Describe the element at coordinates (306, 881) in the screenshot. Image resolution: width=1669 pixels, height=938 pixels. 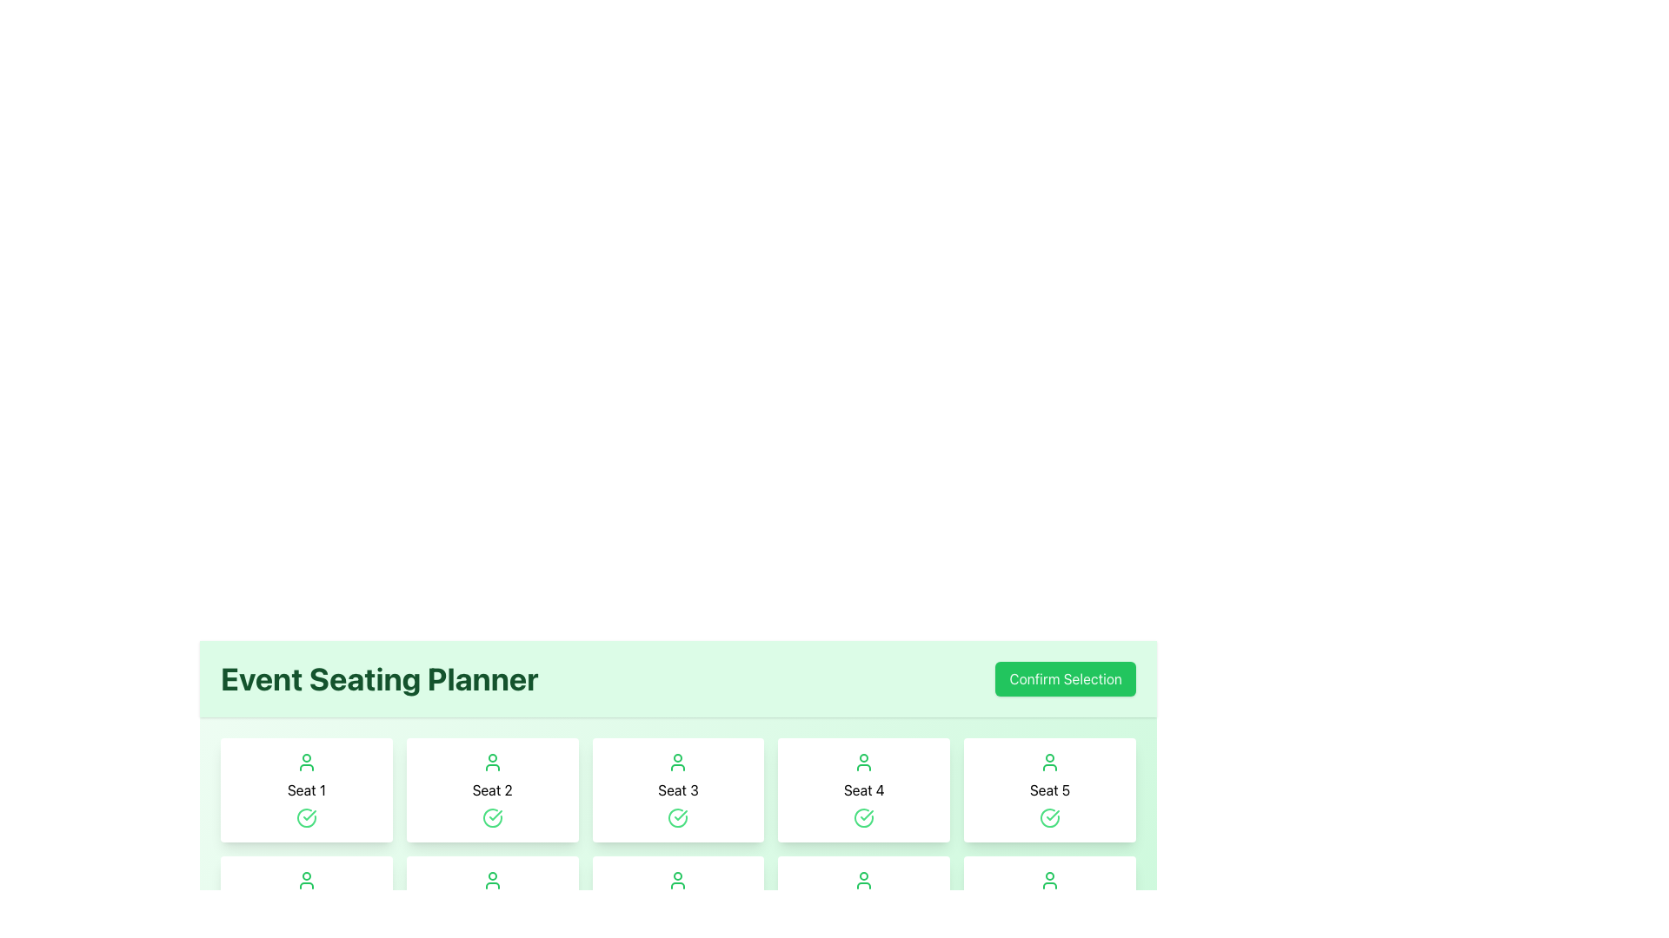
I see `the decorative or status icon associated with 'Seat 6'` at that location.